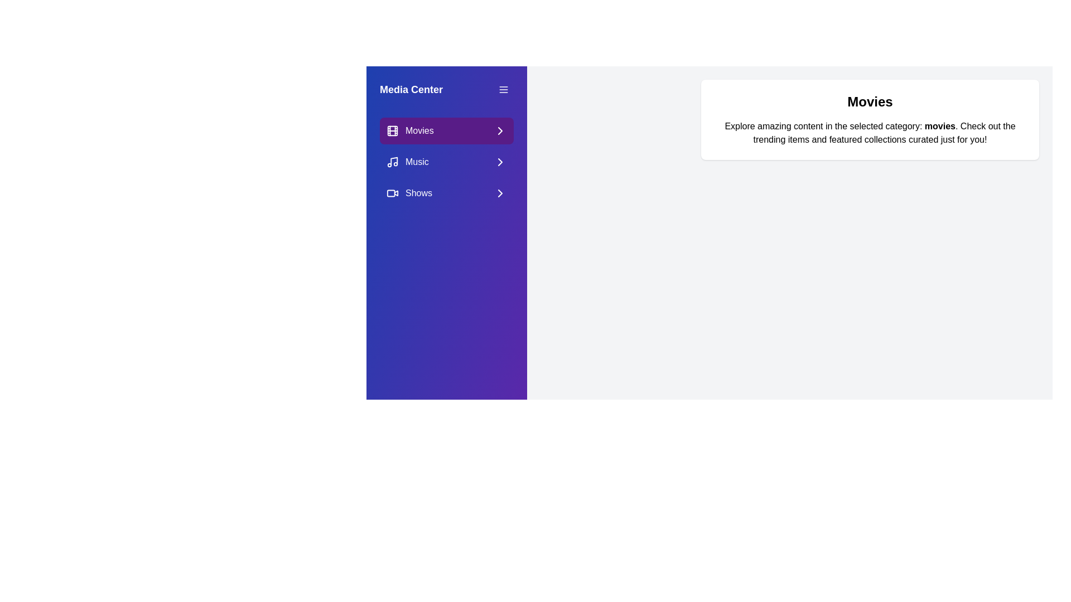 Image resolution: width=1071 pixels, height=602 pixels. I want to click on the SVG graphic representing the video icon adjacent, so click(391, 193).